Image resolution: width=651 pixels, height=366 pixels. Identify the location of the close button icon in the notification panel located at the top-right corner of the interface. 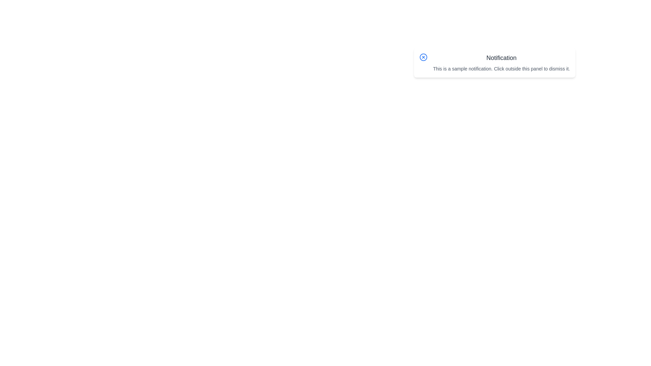
(423, 57).